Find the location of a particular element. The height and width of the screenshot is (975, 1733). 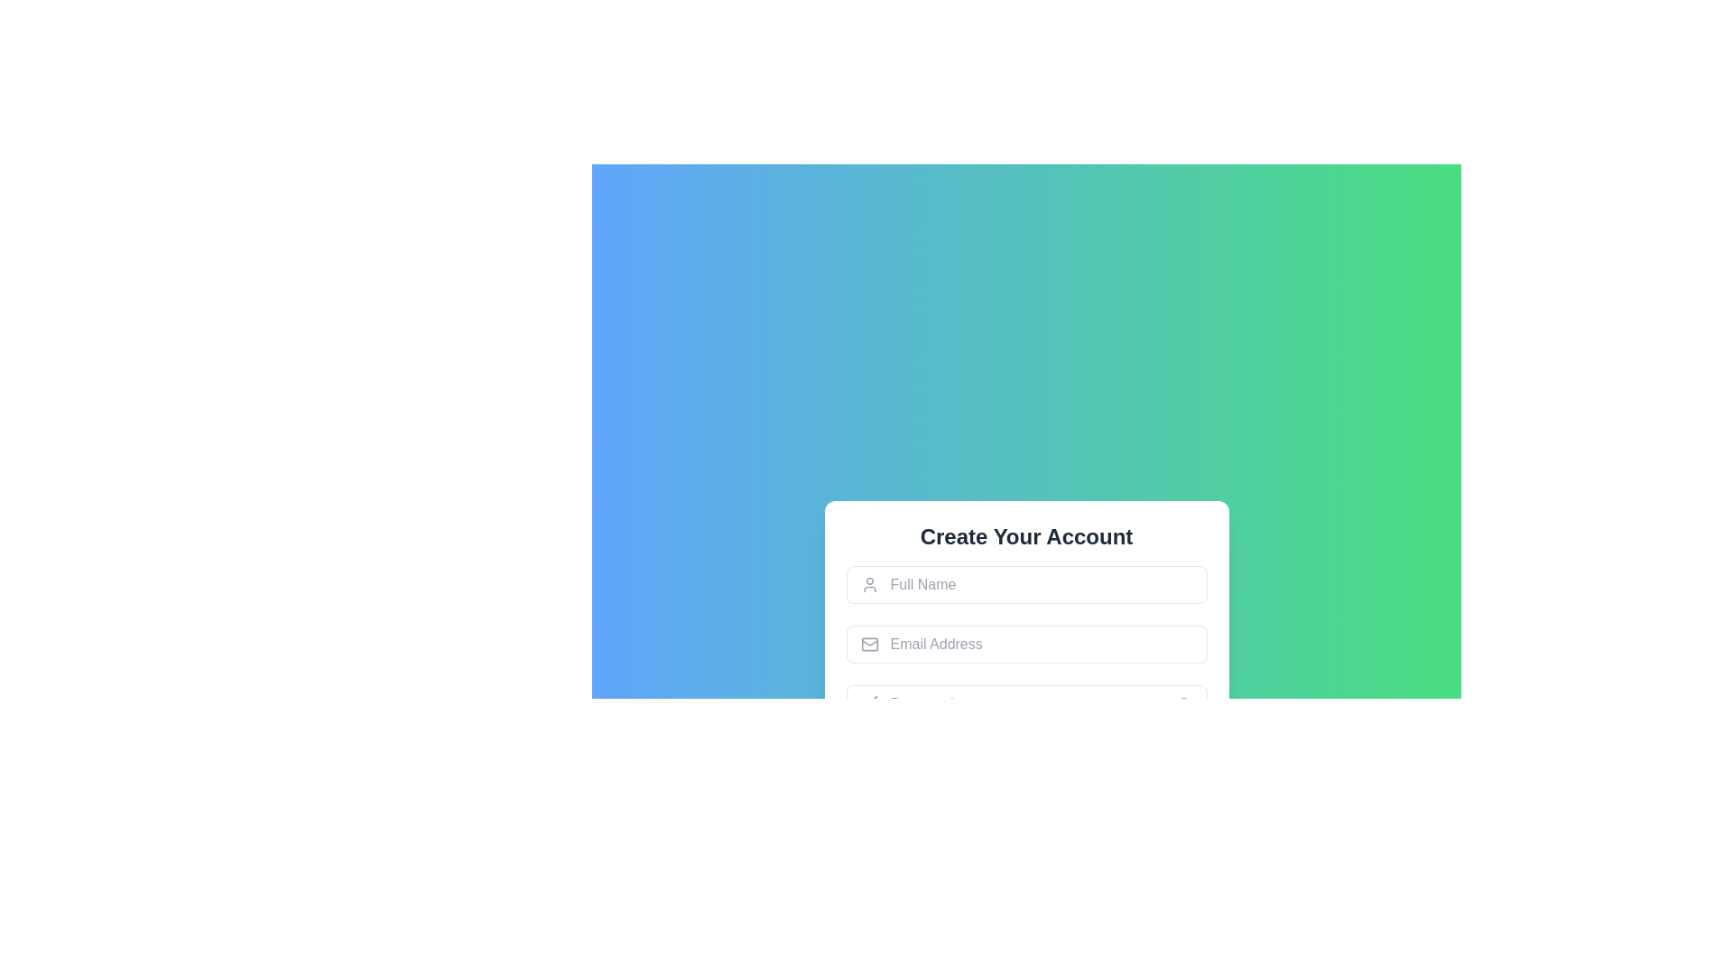

the graphical decoration of the email icon in the 'Create Your Account' form, which symbolizes an email address is located at coordinates (869, 643).